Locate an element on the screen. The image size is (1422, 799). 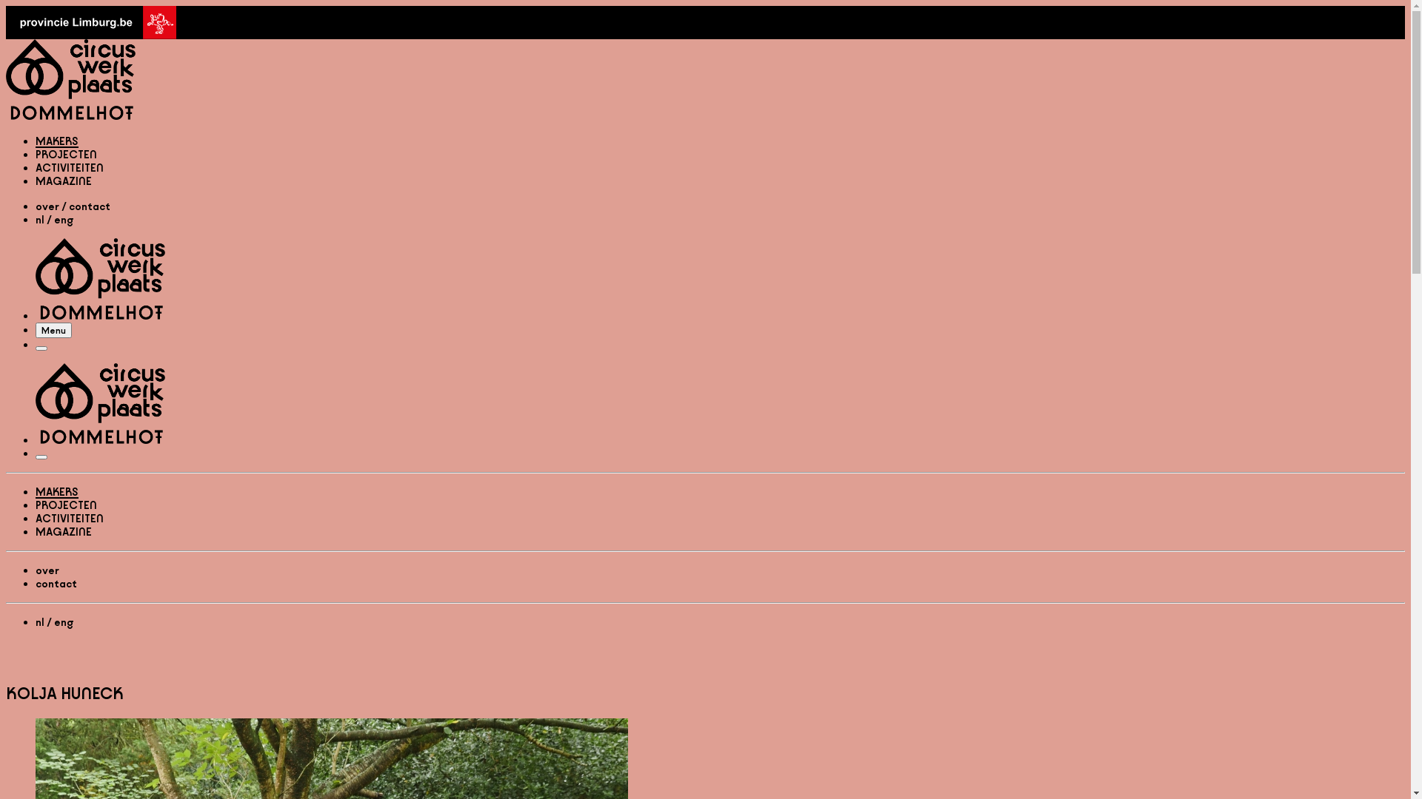
'ACTIVITEITEN' is located at coordinates (69, 166).